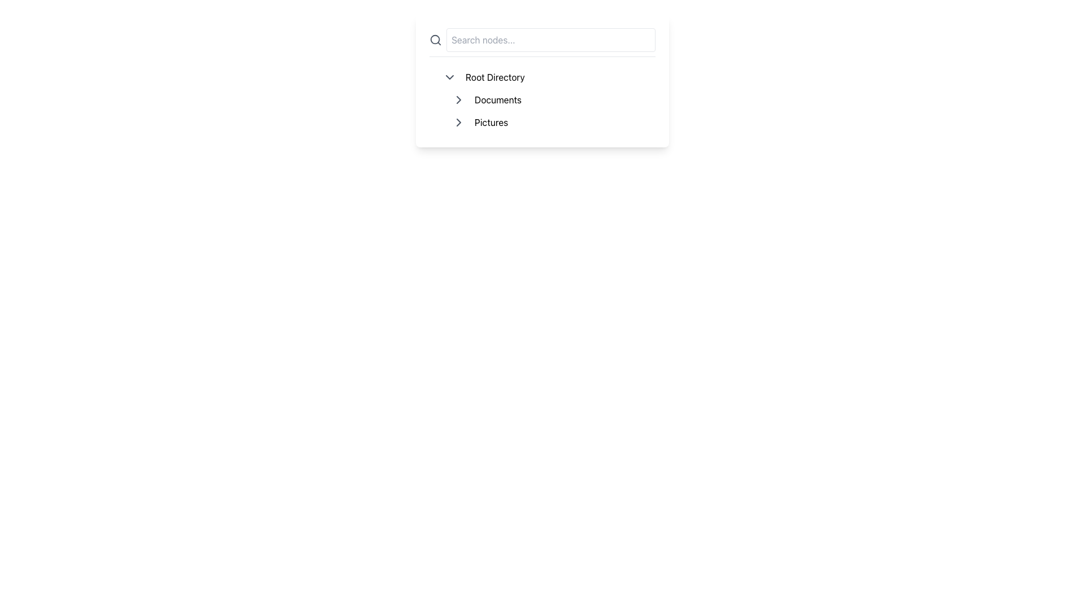 The width and height of the screenshot is (1085, 610). What do you see at coordinates (547, 122) in the screenshot?
I see `the second menu item labeled 'Pictures' in the 'Root Directory' section` at bounding box center [547, 122].